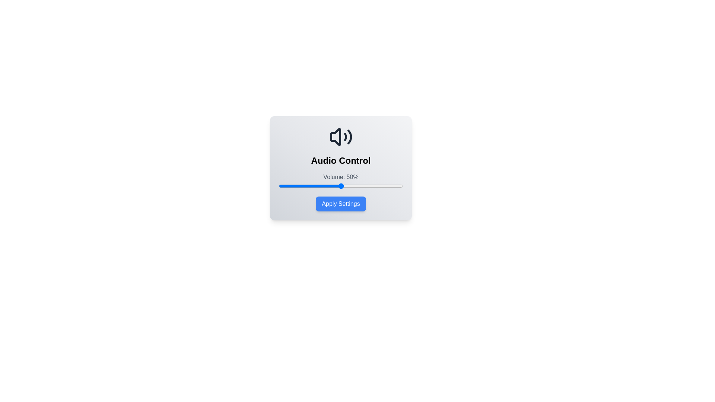  What do you see at coordinates (343, 186) in the screenshot?
I see `the slider` at bounding box center [343, 186].